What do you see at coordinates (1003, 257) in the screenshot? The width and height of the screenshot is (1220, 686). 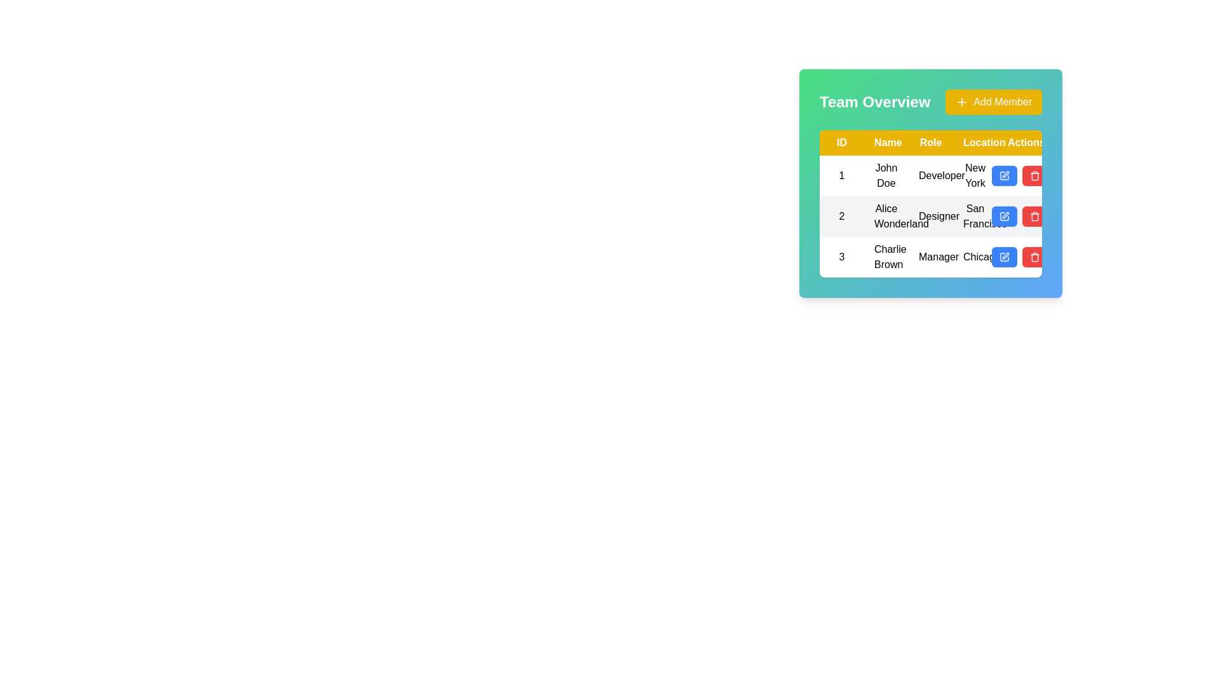 I see `the 'Edit' button located in the Actions column of the third row for 'Charlie Brown'` at bounding box center [1003, 257].